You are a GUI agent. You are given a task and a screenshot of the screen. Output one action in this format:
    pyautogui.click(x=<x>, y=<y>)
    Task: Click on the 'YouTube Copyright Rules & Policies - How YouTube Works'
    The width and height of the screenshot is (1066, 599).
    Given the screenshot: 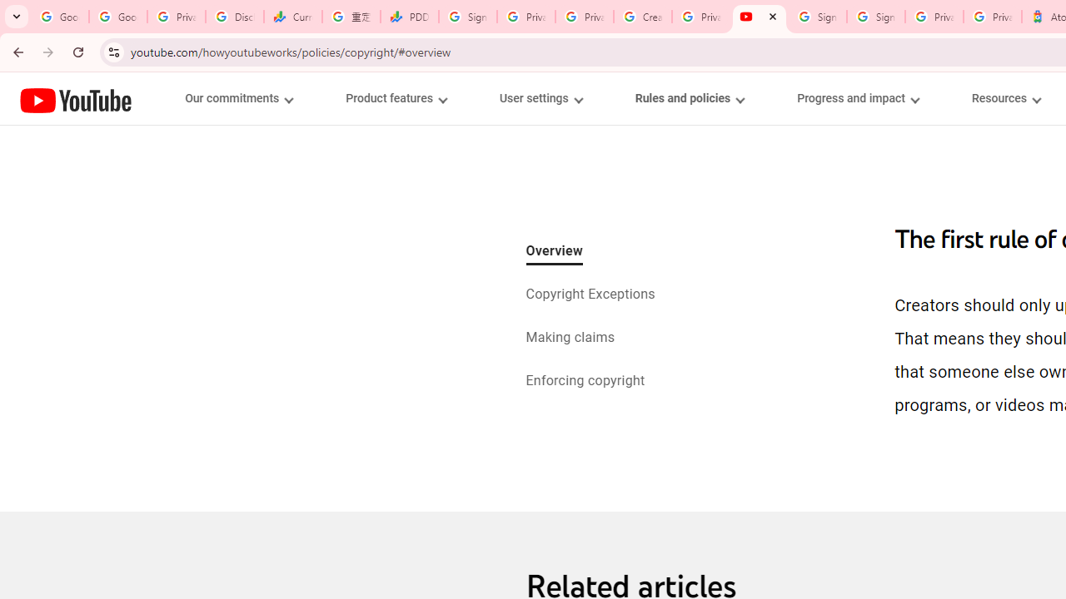 What is the action you would take?
    pyautogui.click(x=759, y=17)
    